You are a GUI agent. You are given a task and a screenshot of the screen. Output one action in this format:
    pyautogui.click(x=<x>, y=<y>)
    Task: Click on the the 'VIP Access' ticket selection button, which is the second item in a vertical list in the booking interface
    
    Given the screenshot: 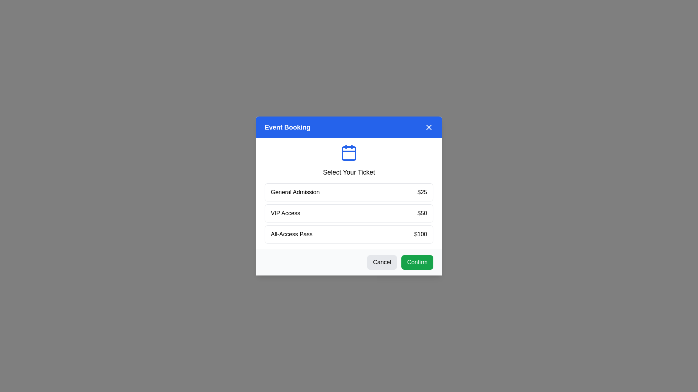 What is the action you would take?
    pyautogui.click(x=349, y=213)
    